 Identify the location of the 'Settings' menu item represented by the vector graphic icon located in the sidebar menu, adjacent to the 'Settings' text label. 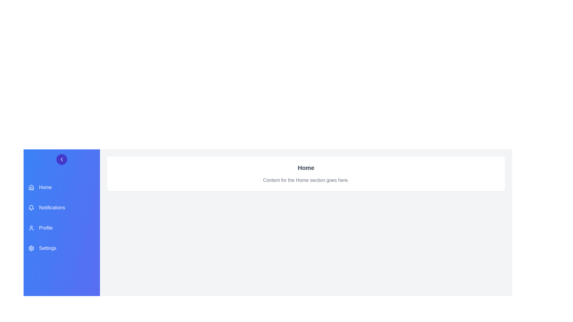
(31, 248).